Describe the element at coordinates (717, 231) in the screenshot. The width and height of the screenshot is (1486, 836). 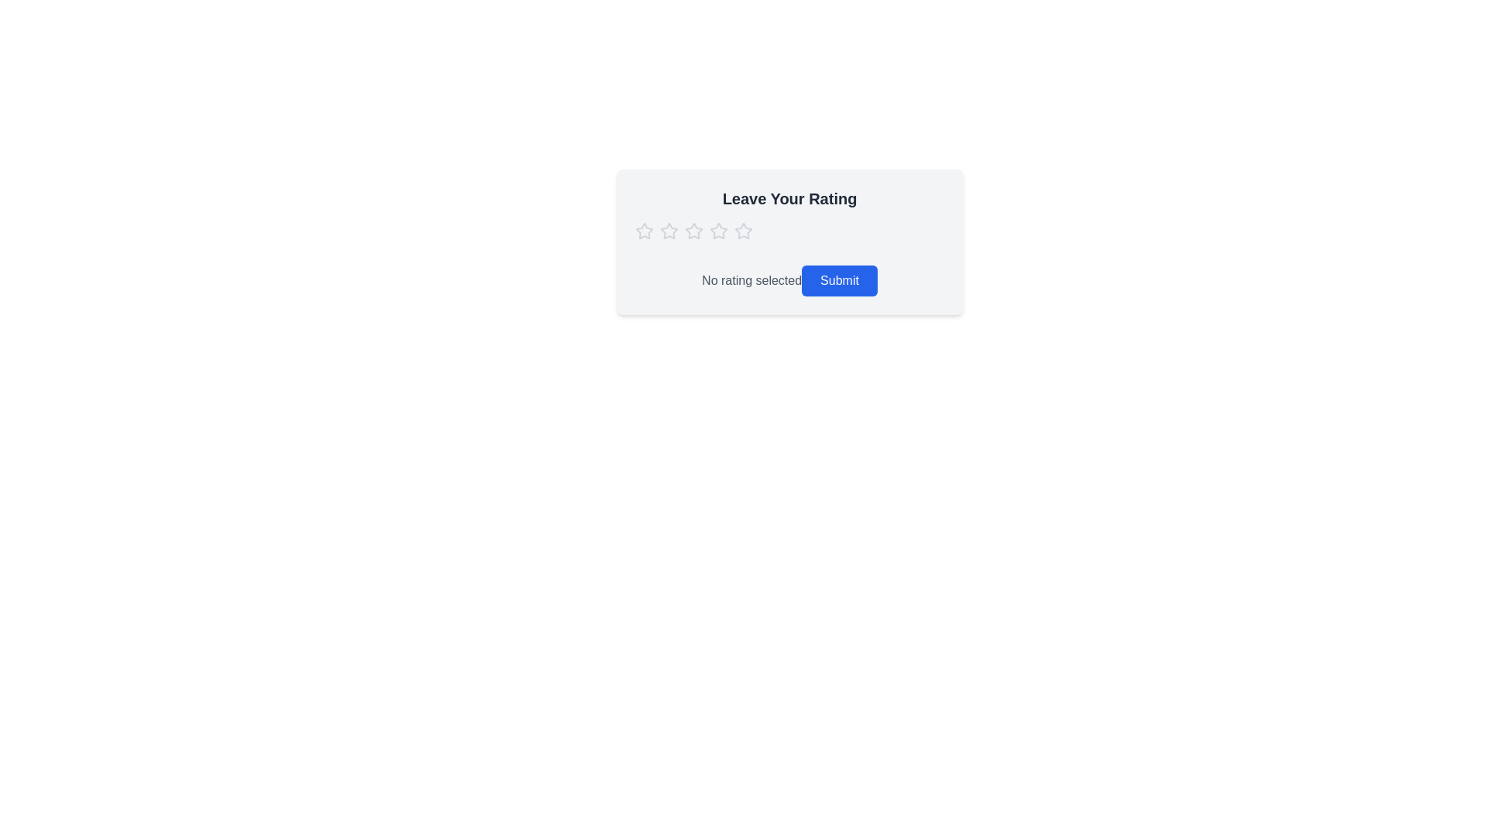
I see `the second star icon in the rating section under 'Leave Your Rating'` at that location.